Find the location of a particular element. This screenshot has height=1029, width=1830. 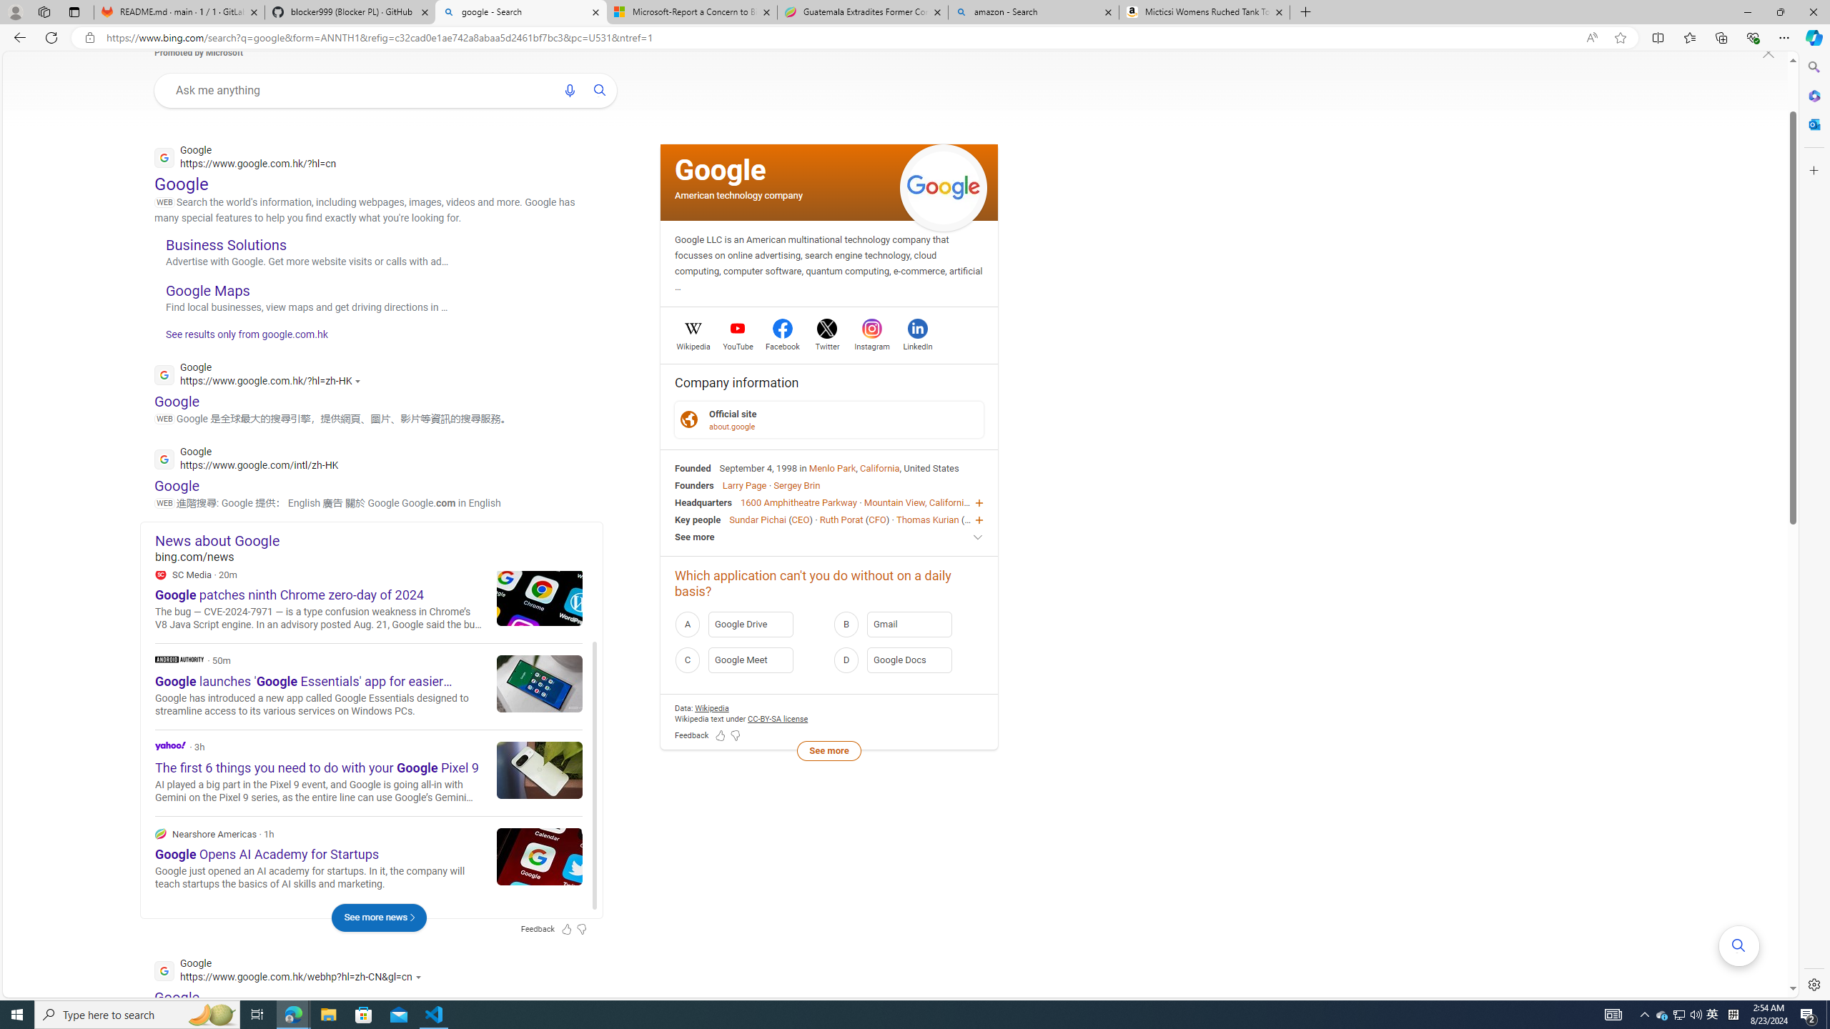

'amazon - Search' is located at coordinates (1034, 11).